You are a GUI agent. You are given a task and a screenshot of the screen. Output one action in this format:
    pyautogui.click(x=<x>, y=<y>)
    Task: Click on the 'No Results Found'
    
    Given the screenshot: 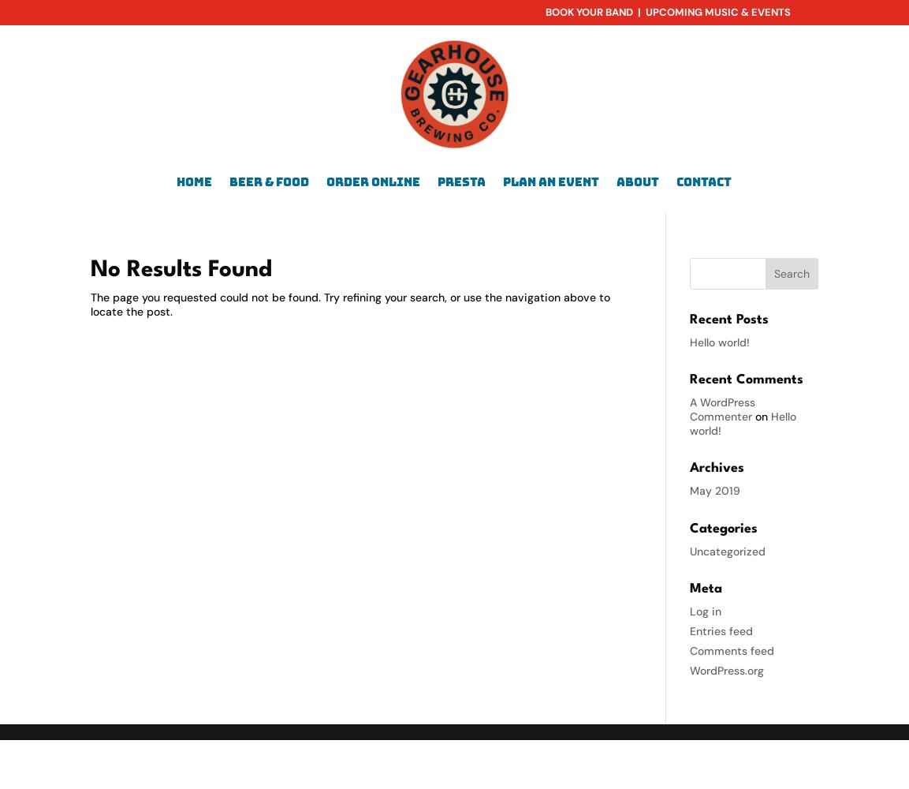 What is the action you would take?
    pyautogui.click(x=181, y=268)
    